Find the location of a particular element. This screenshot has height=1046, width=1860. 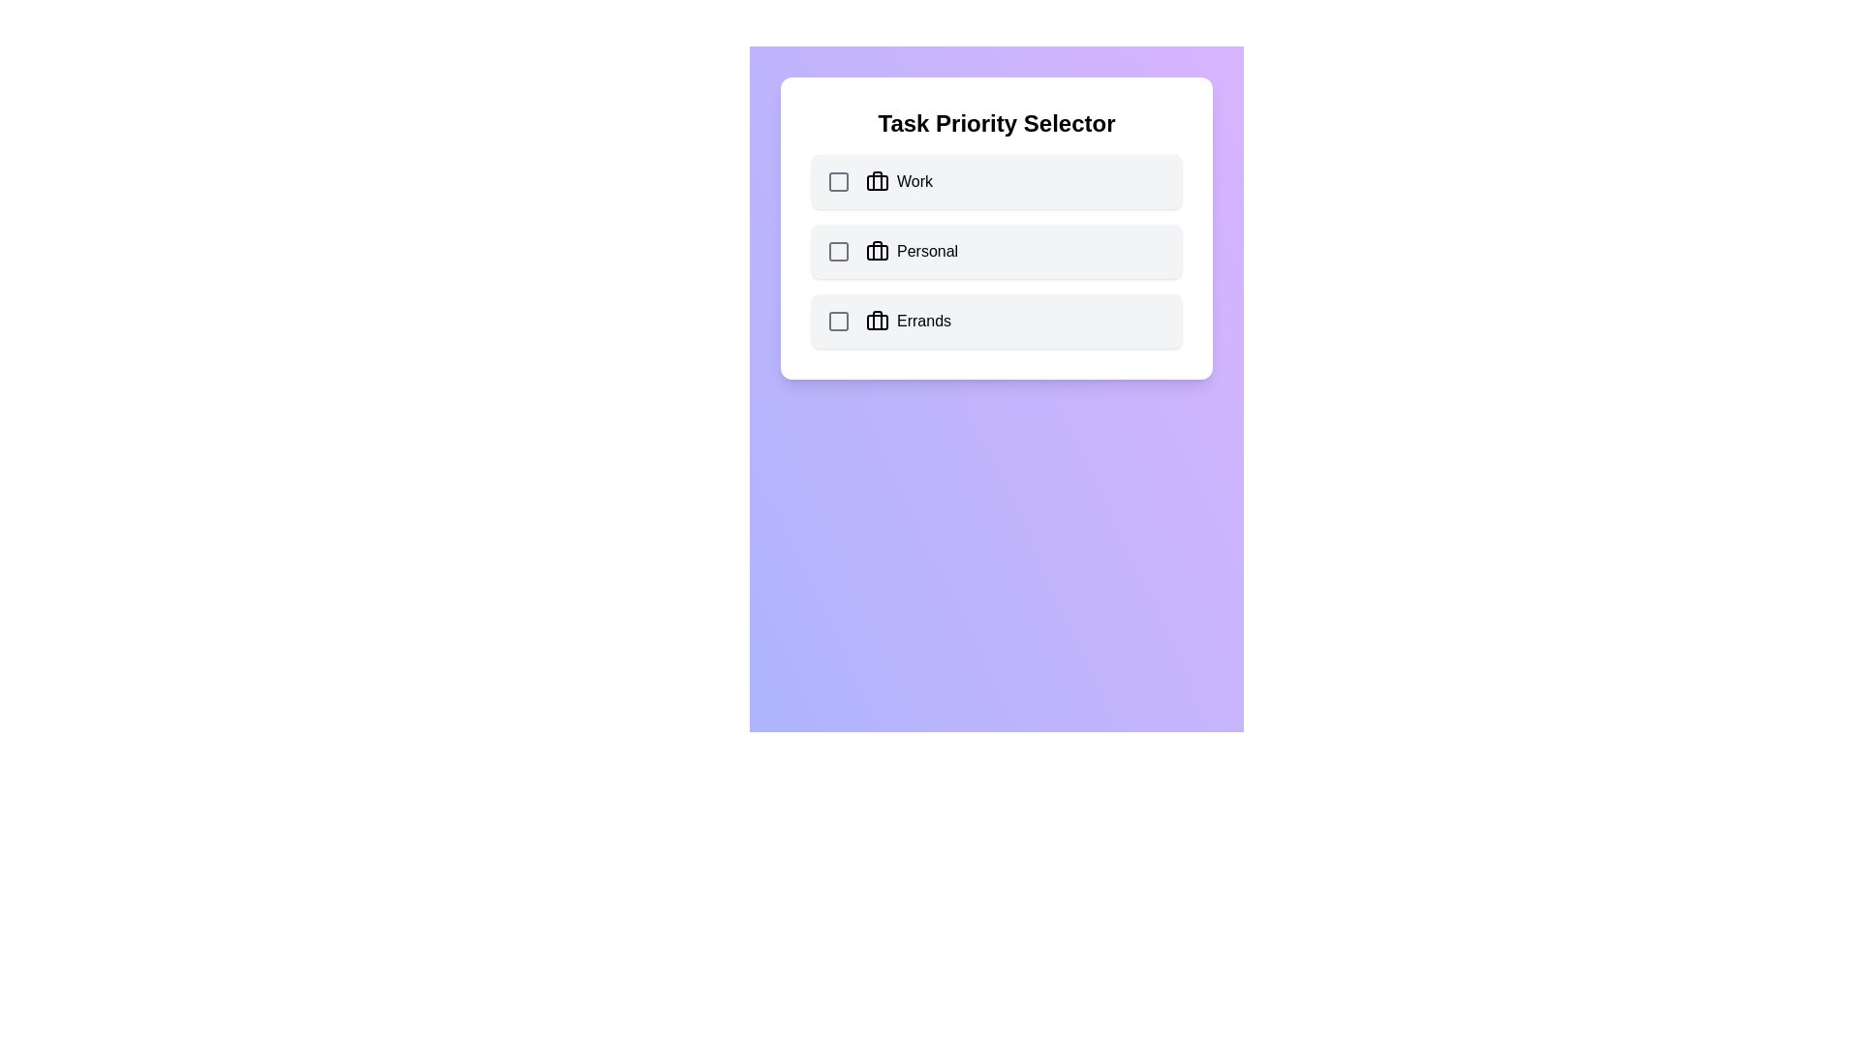

the category Work by clicking on its row is located at coordinates (996, 182).